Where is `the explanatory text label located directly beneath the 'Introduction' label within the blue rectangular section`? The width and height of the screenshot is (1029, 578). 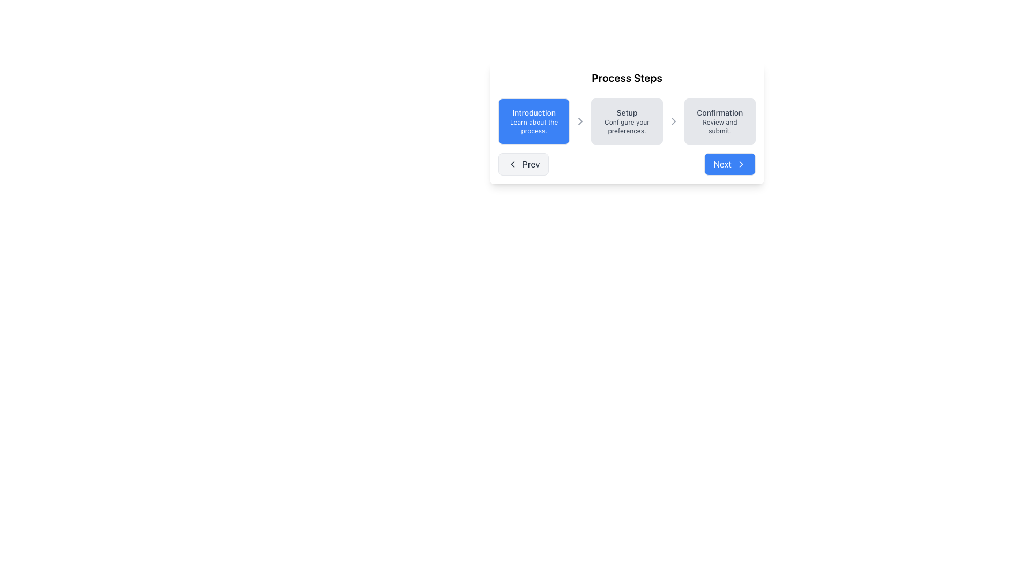 the explanatory text label located directly beneath the 'Introduction' label within the blue rectangular section is located at coordinates (534, 126).